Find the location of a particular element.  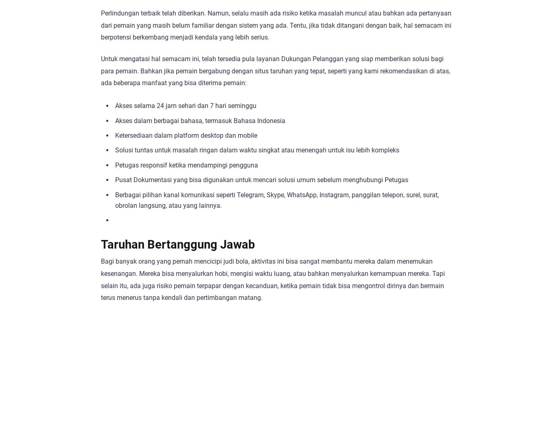

'Akses selama 24 jam sehari dan 7 hari seminggu' is located at coordinates (186, 106).